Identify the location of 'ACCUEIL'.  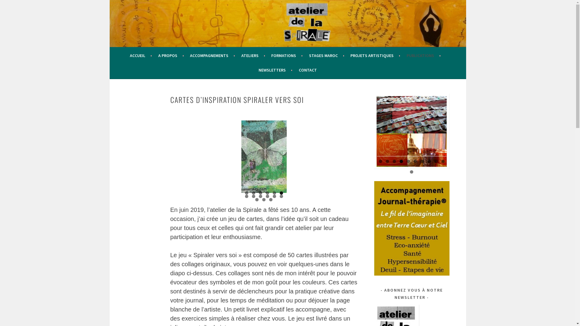
(140, 56).